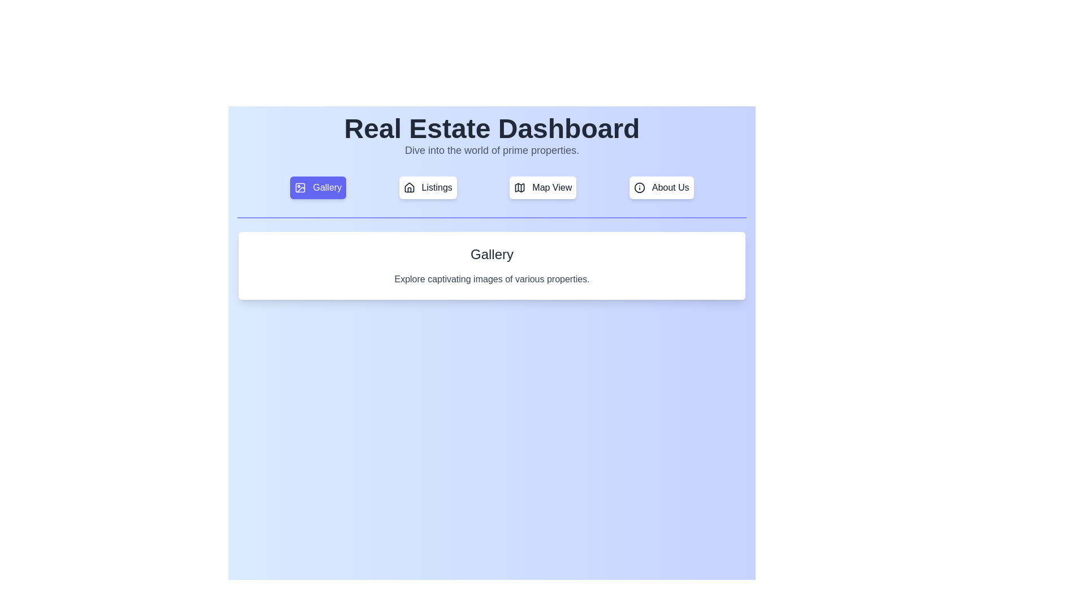 The width and height of the screenshot is (1086, 611). I want to click on the tab labeled Map View, so click(543, 187).